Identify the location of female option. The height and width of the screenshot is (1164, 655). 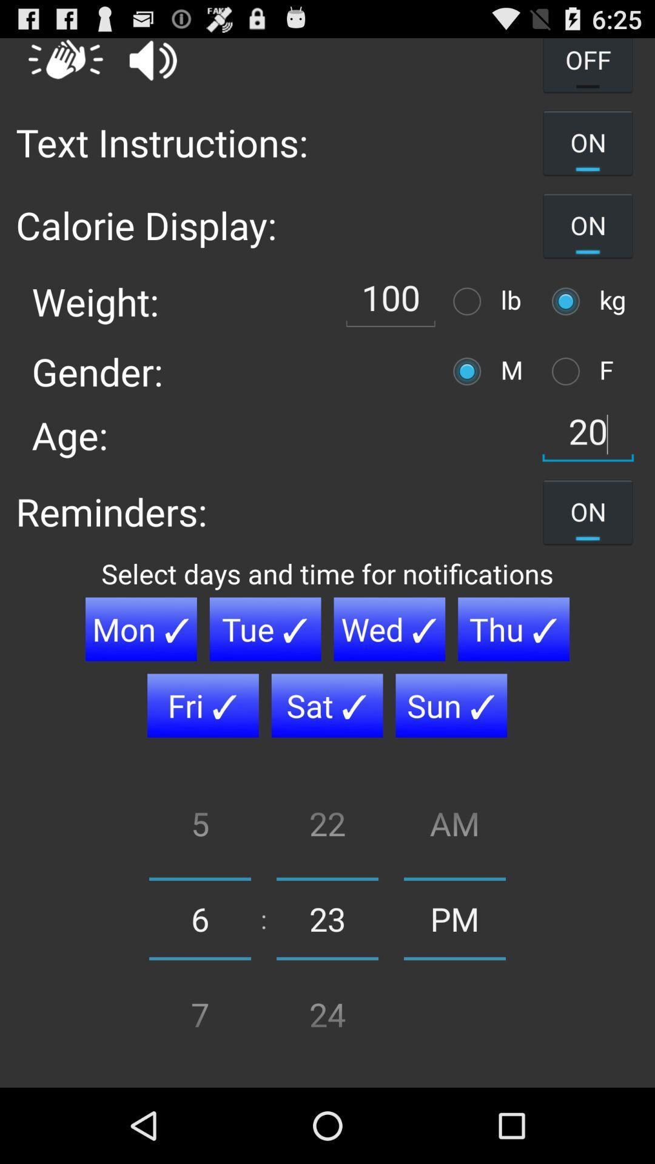
(569, 370).